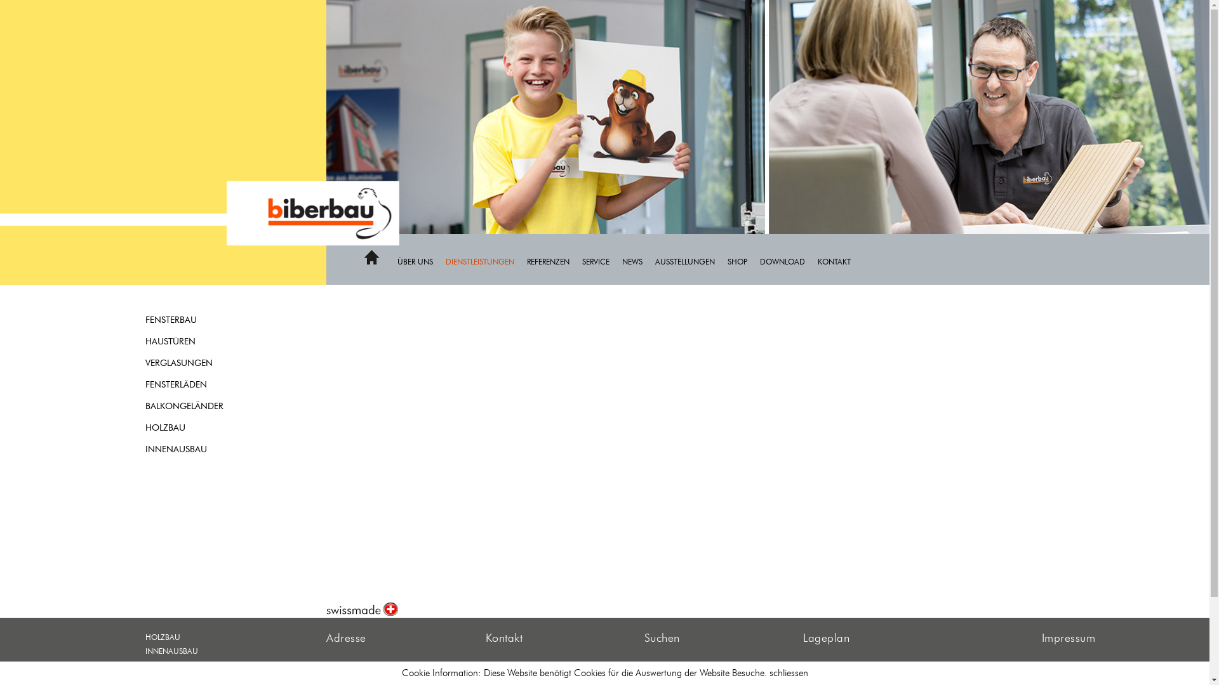  I want to click on 'REFERENZEN', so click(554, 260).